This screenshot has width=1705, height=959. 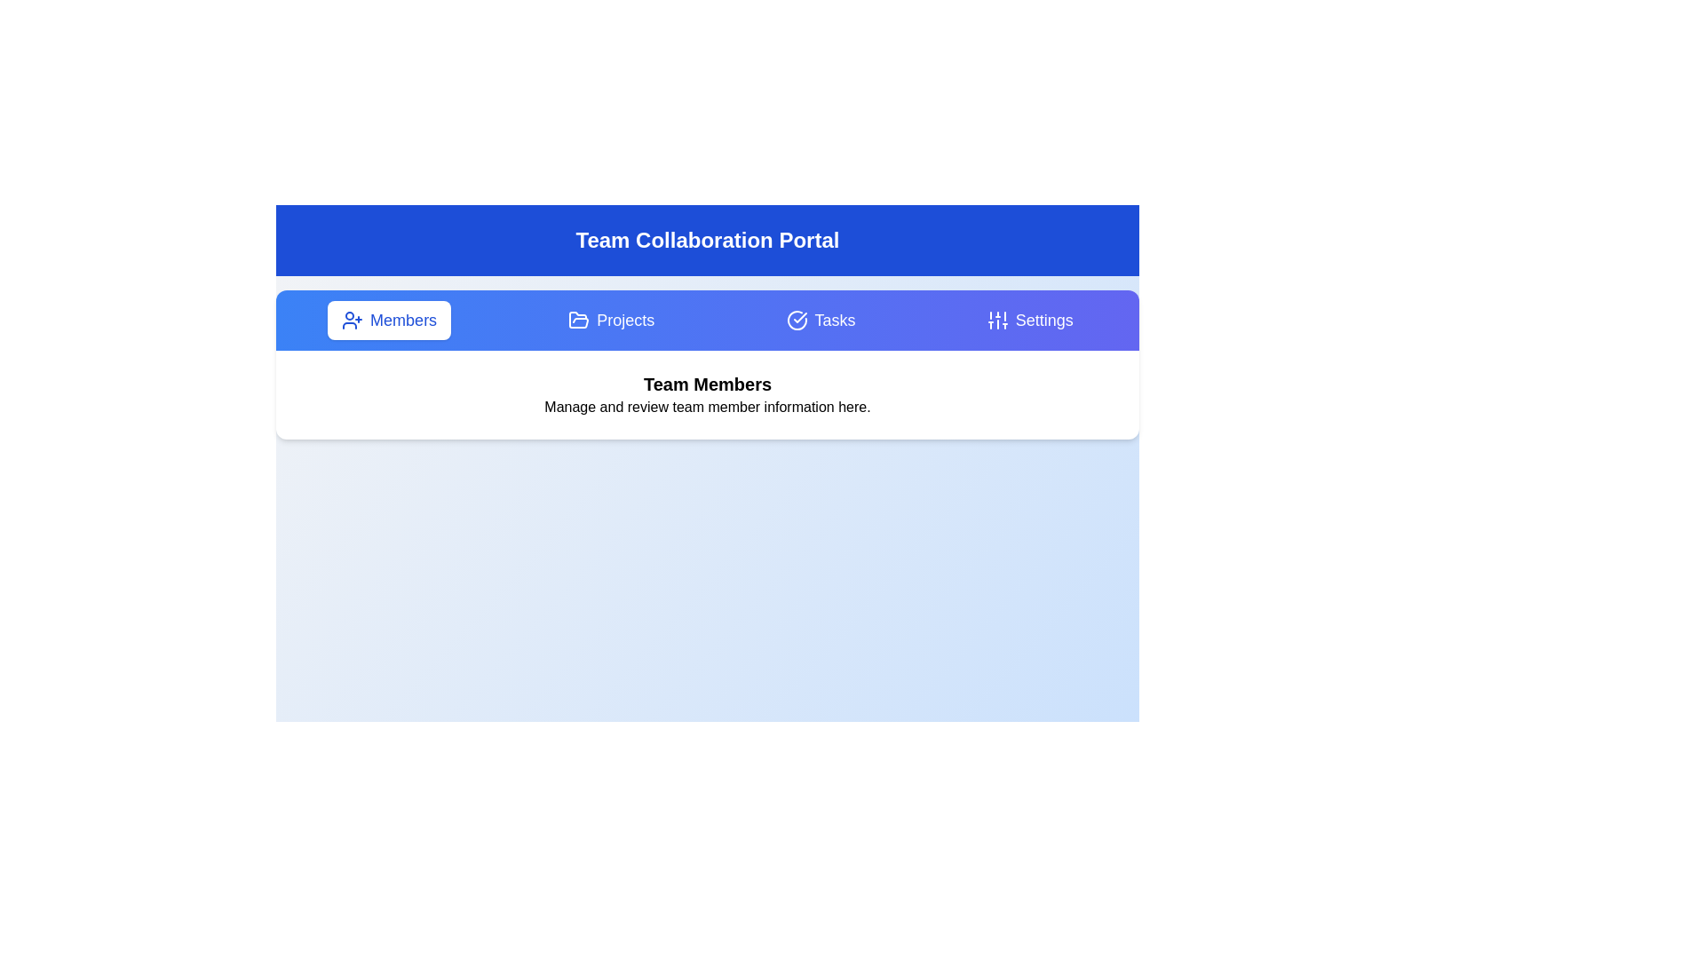 I want to click on the 'Settings' text label on the header navigation bar, which is styled in white on a blue background and positioned to the right of the 'Tasks' option, so click(x=1044, y=321).